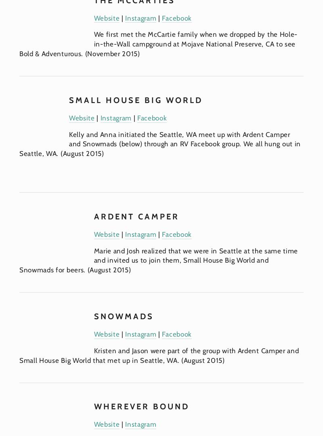 Image resolution: width=323 pixels, height=436 pixels. Describe the element at coordinates (158, 44) in the screenshot. I see `'We first met the McCartie family when we dropped by the Hole-in-the-Wall campground at Mojave National Preserve, CA to see Bold & Adventurous. (November 2015)'` at that location.